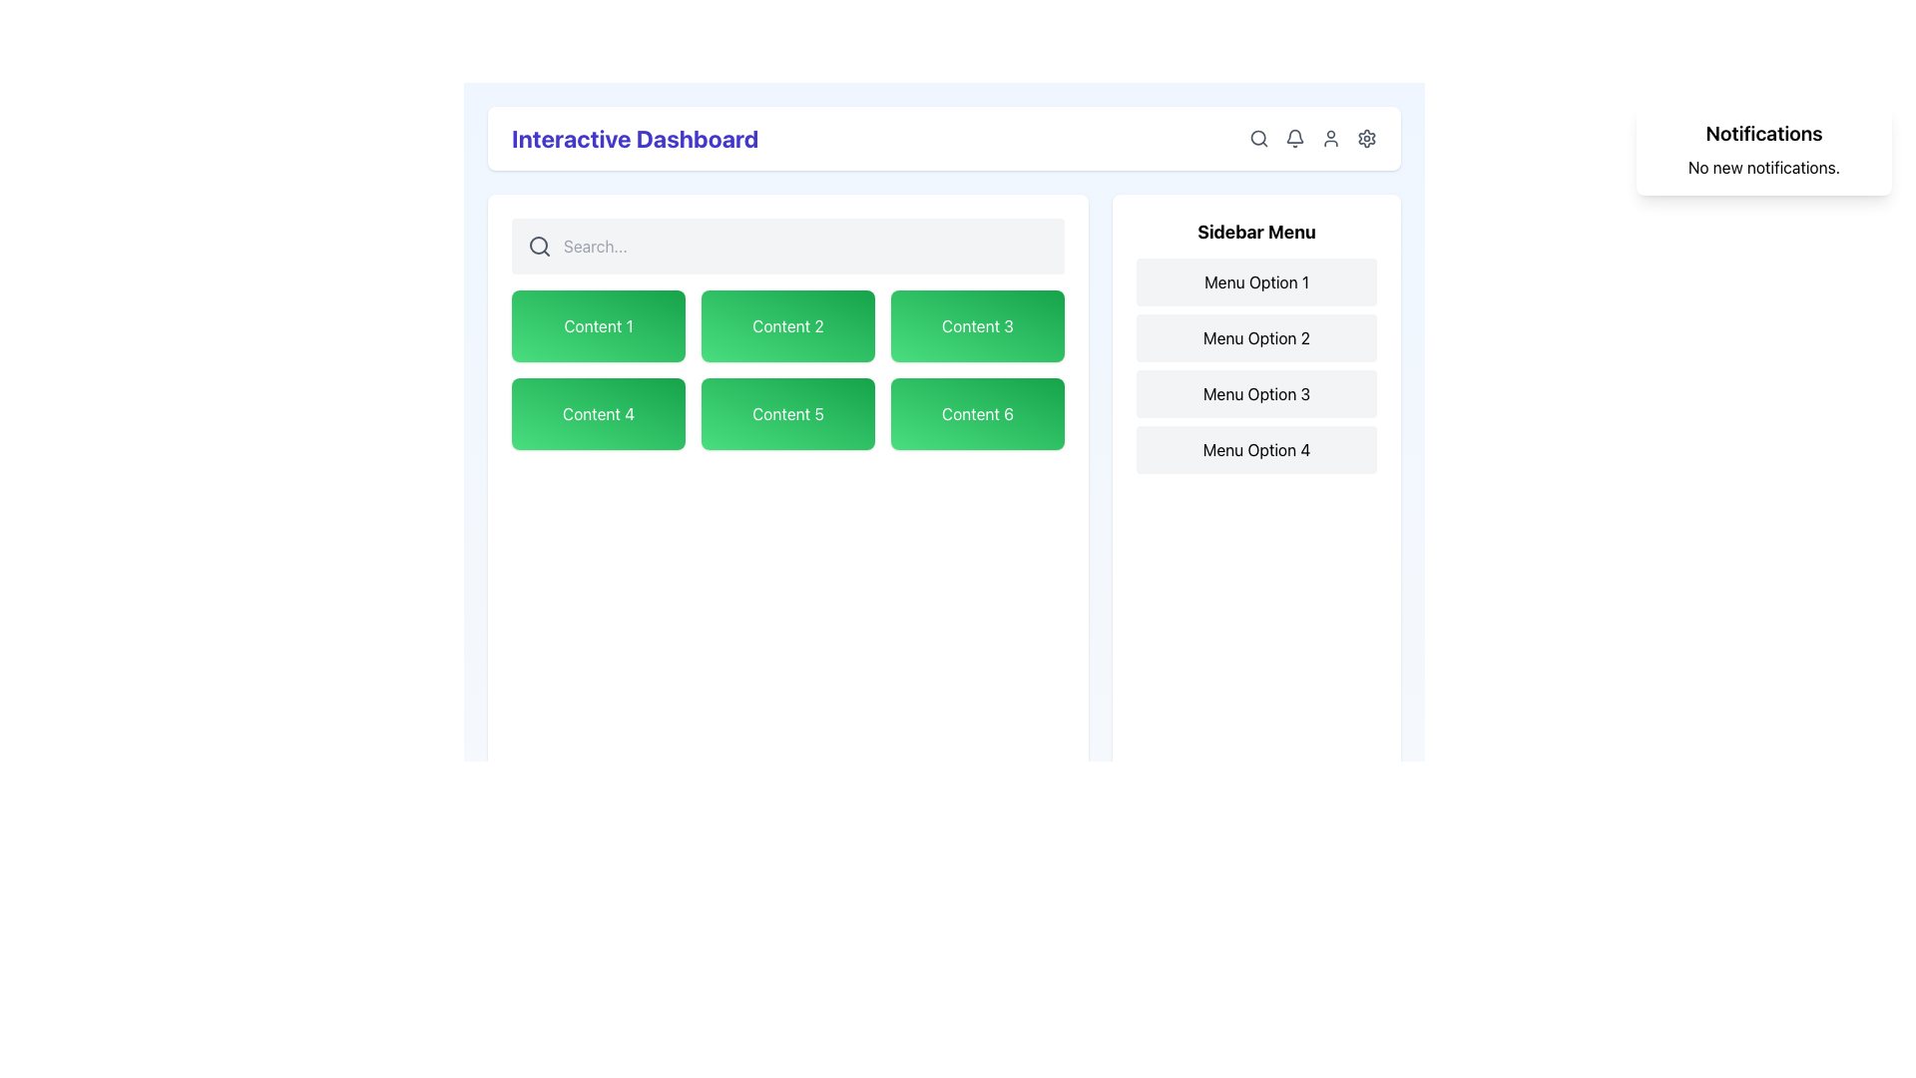  Describe the element at coordinates (634, 137) in the screenshot. I see `the Static Label element which serves as the title or header for the page, located near the top-left area of the interface` at that location.